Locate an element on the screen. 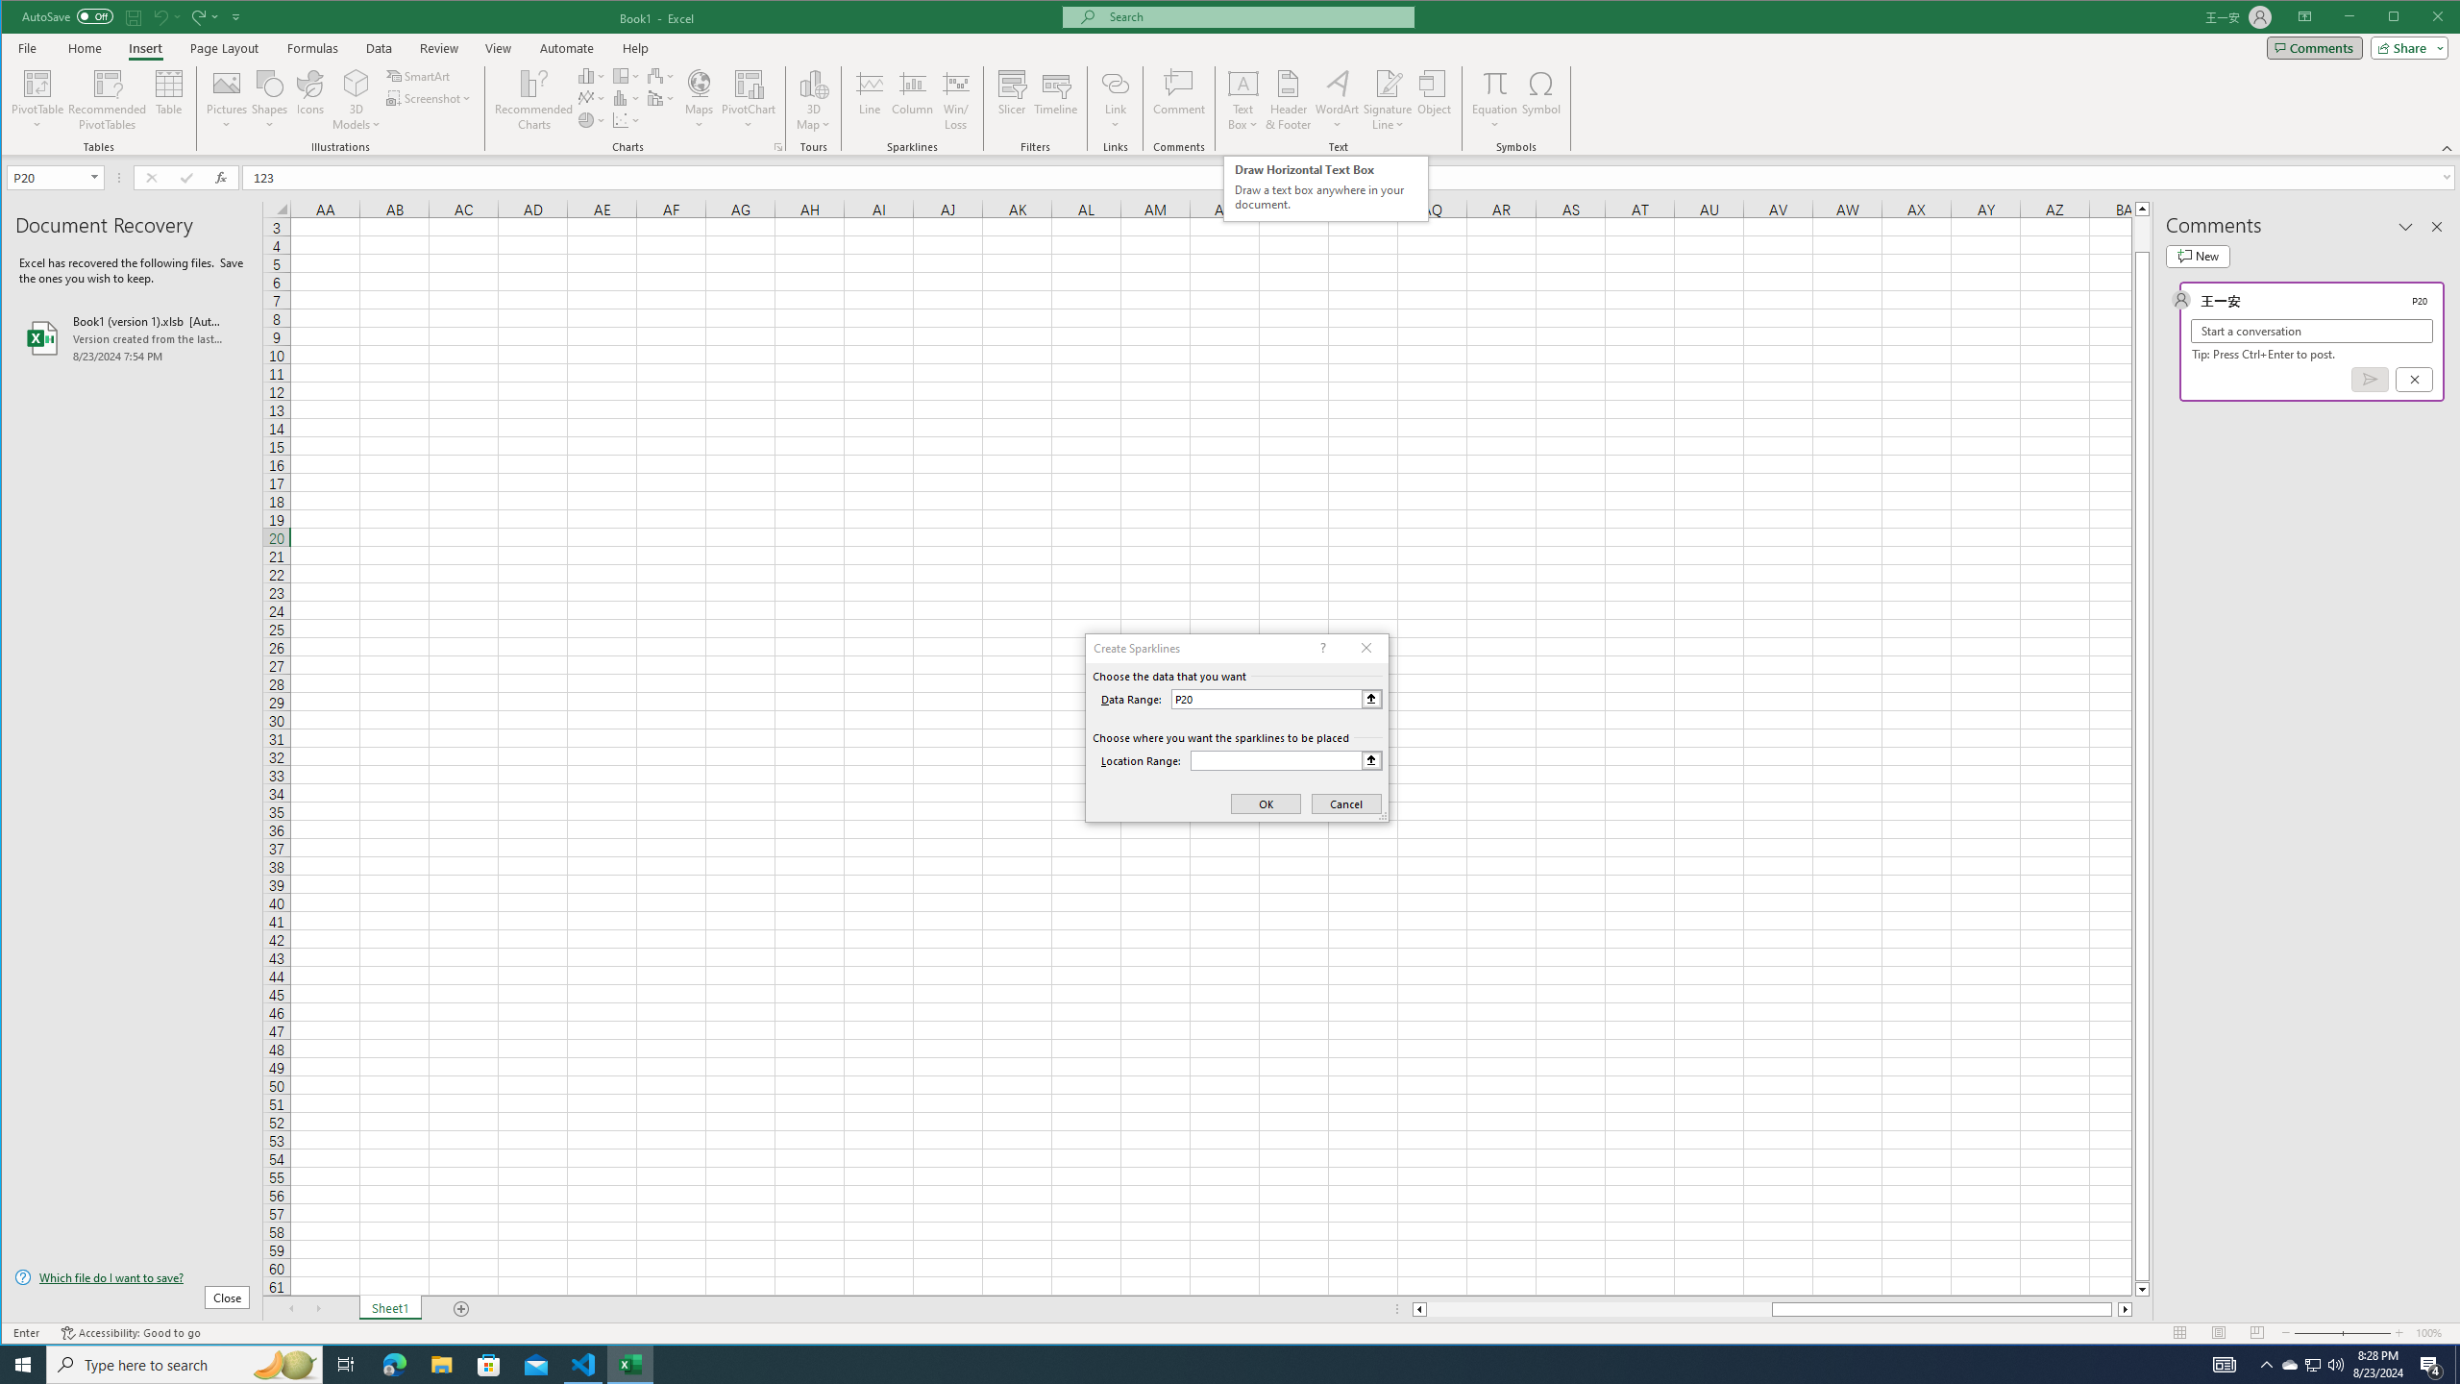 The image size is (2460, 1384). 'Post comment (Ctrl + Enter)' is located at coordinates (2370, 379).